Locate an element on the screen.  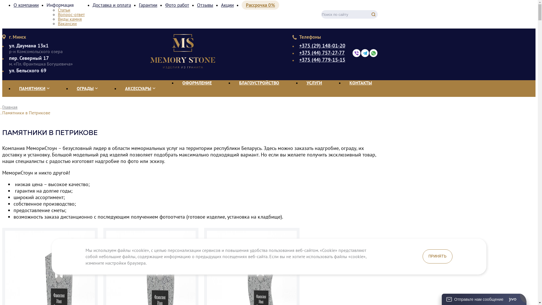
'+375 (44) 757-27-77' is located at coordinates (322, 53).